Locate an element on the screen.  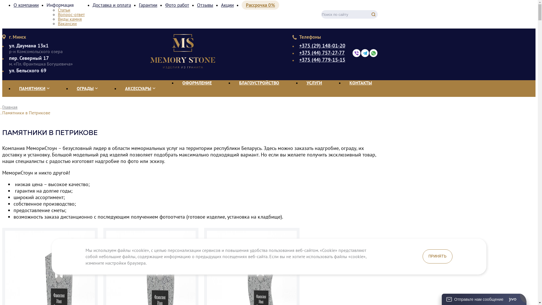
'+375 (44) 757-27-77' is located at coordinates (322, 53).